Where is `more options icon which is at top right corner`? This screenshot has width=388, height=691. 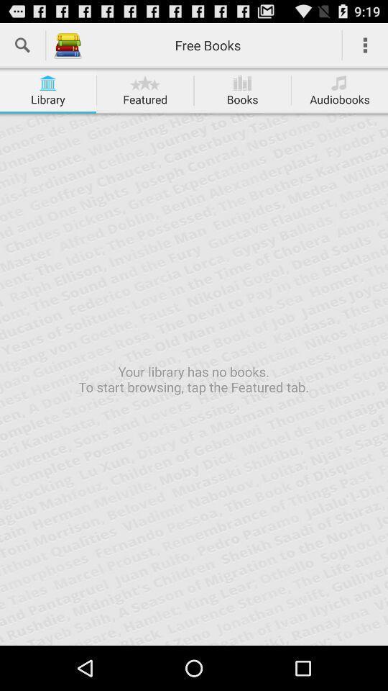
more options icon which is at top right corner is located at coordinates (365, 45).